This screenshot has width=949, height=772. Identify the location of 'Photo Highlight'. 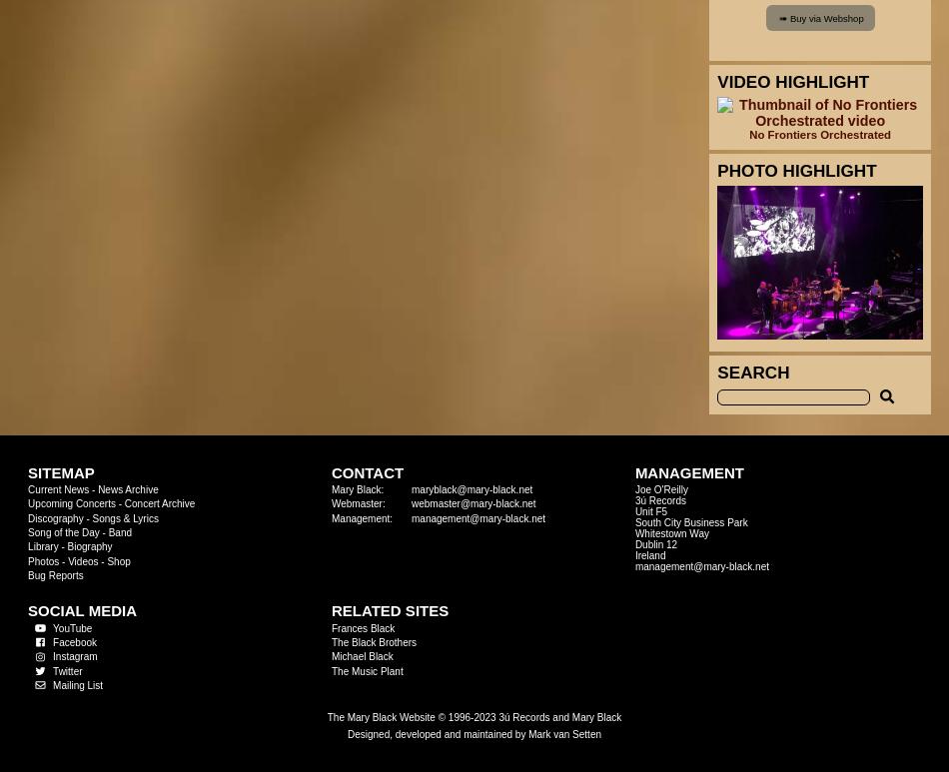
(795, 171).